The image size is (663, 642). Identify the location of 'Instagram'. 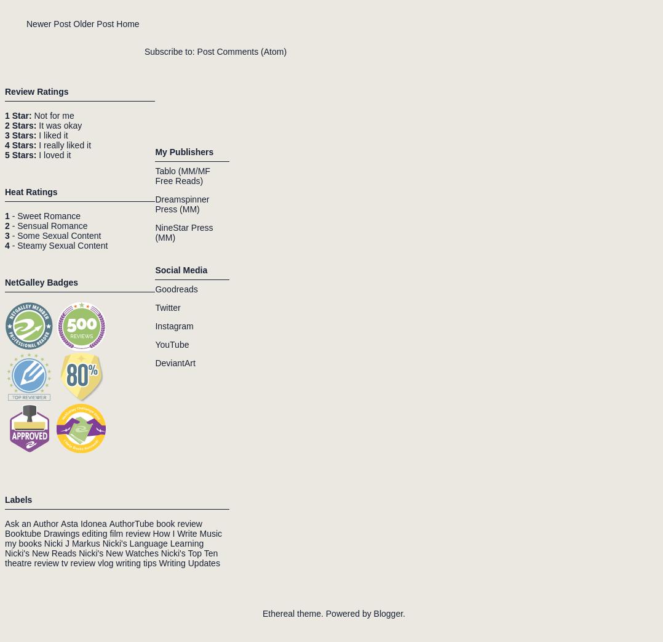
(154, 326).